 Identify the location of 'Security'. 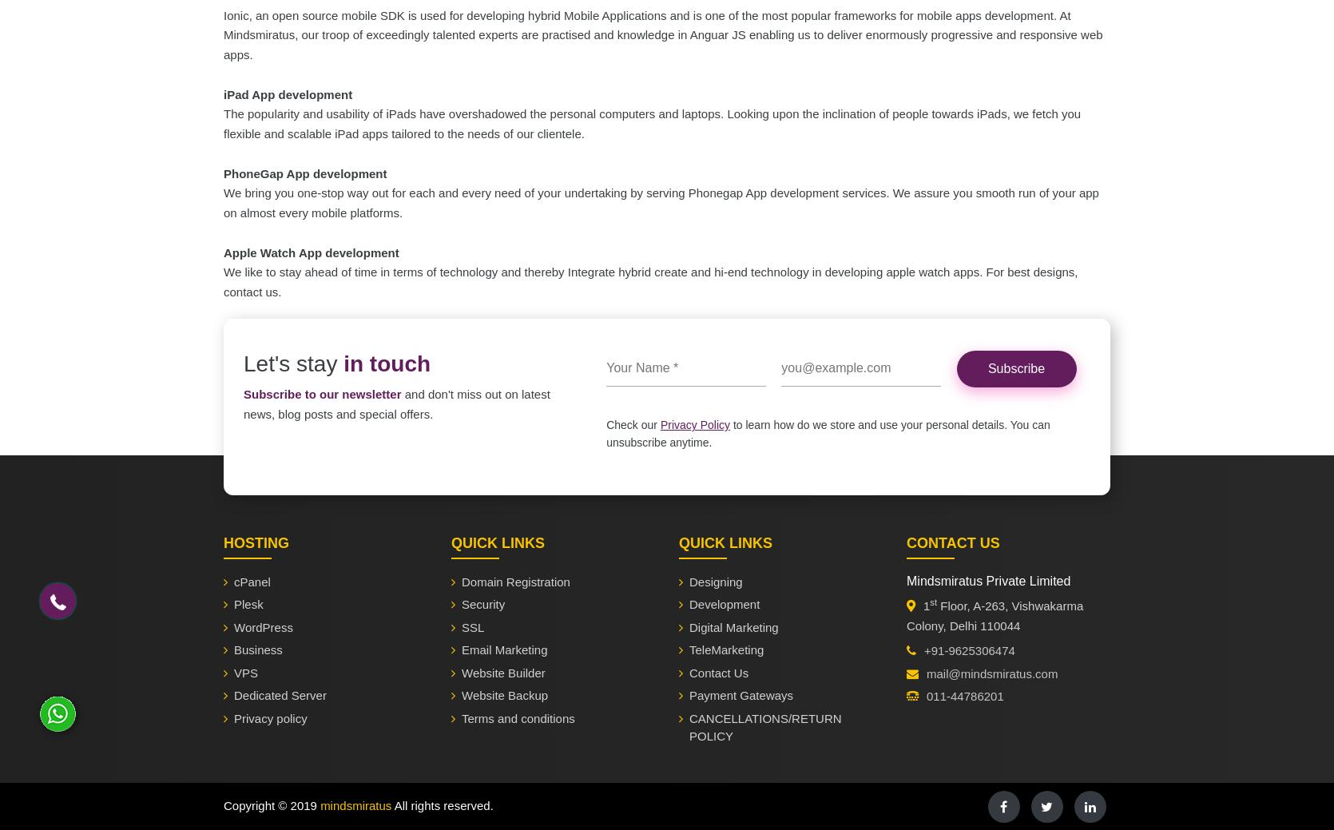
(482, 603).